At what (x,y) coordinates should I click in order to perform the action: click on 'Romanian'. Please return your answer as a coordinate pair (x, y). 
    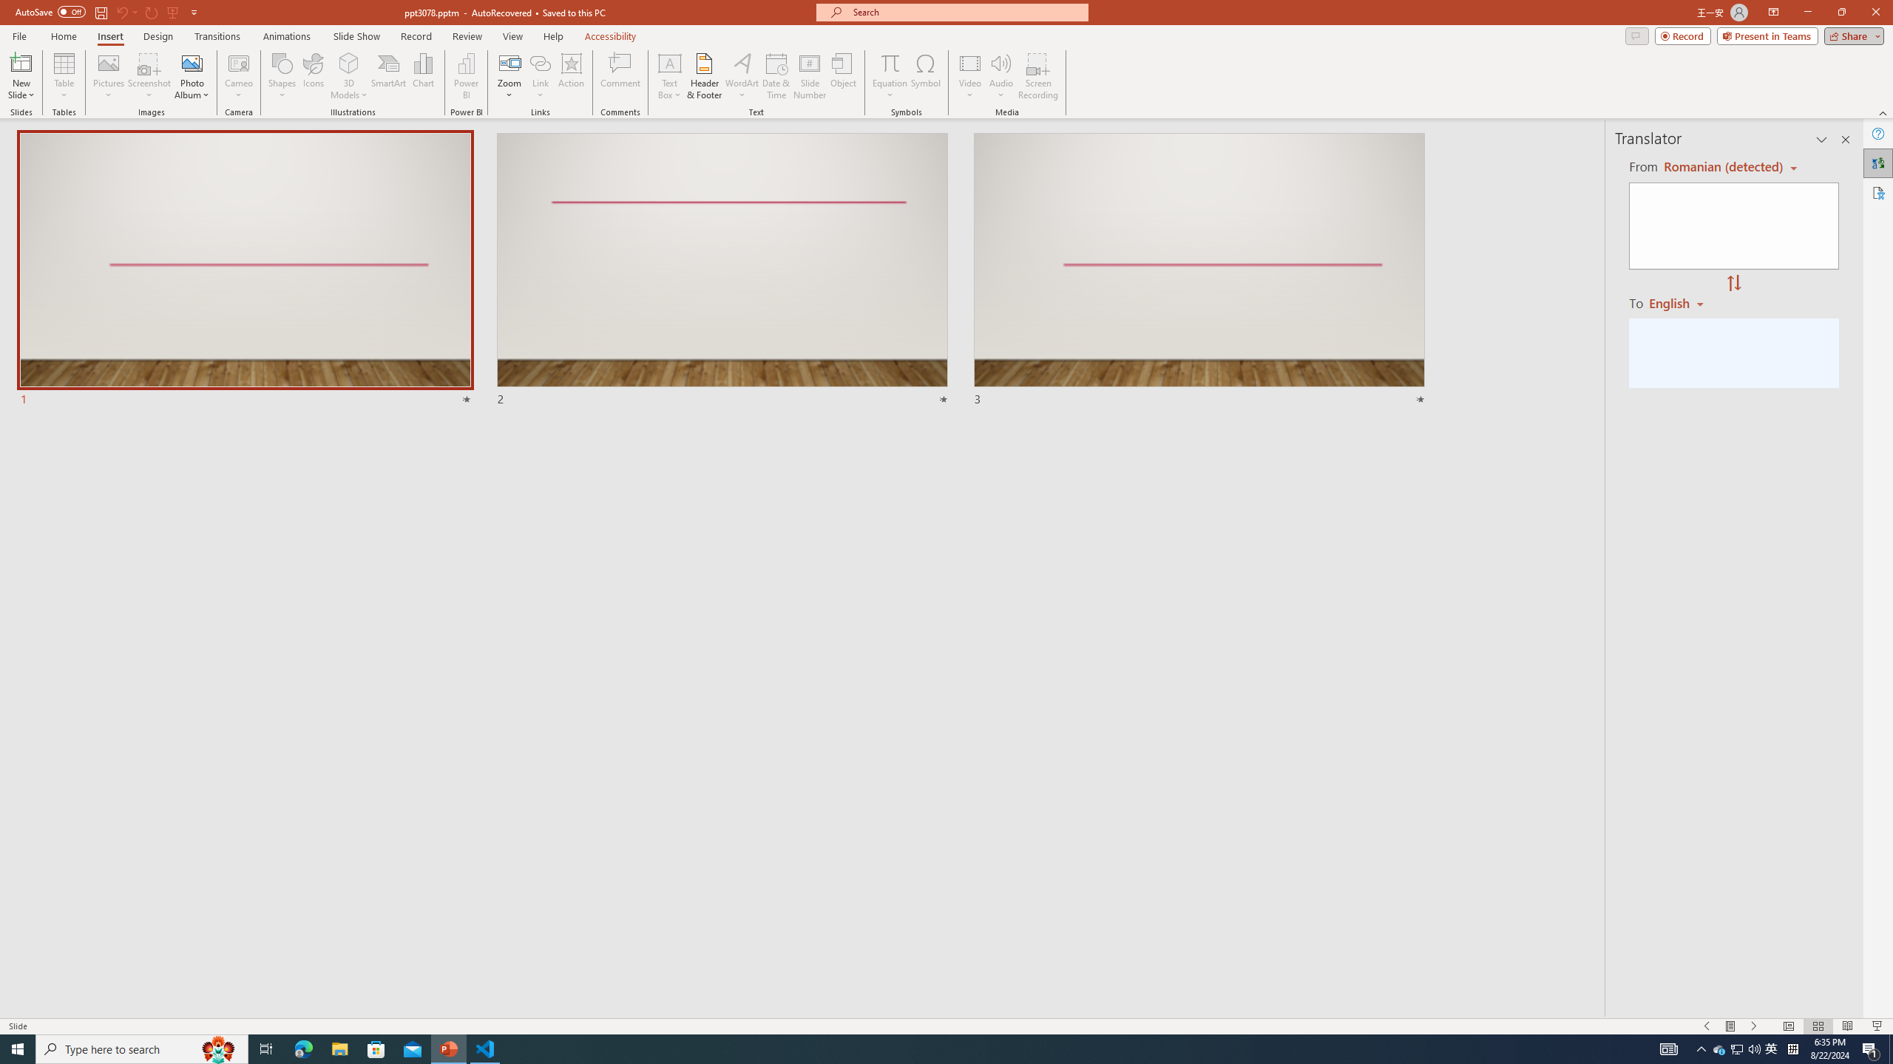
    Looking at the image, I should click on (1682, 302).